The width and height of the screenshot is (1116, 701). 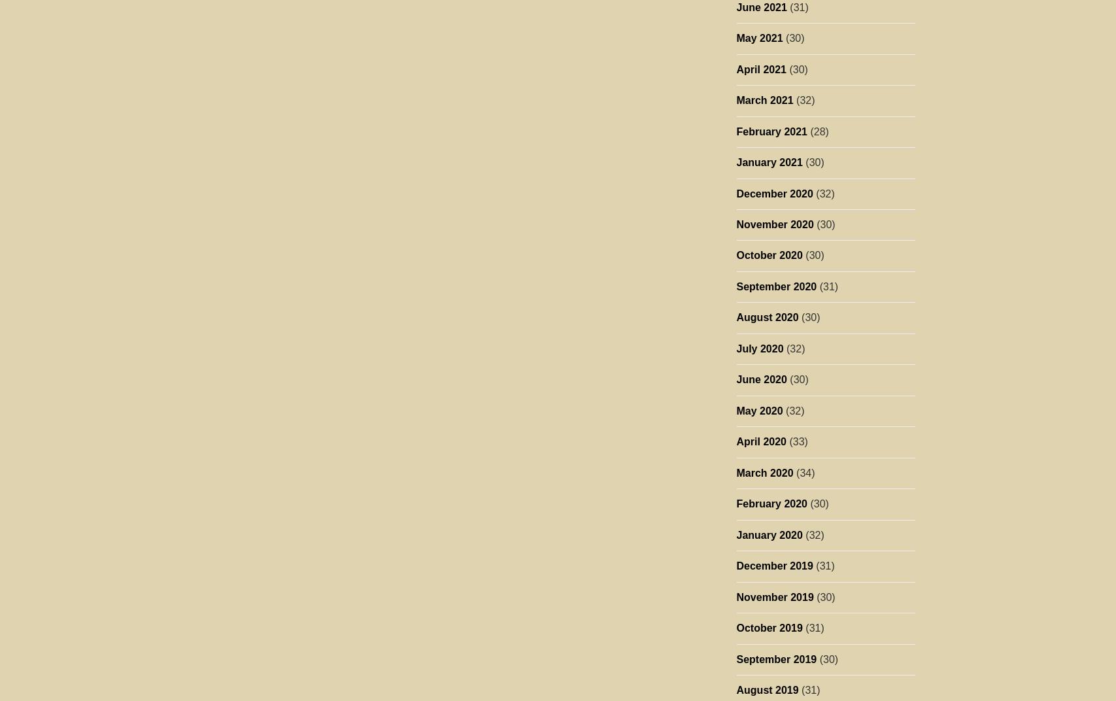 I want to click on '(28)', so click(x=807, y=130).